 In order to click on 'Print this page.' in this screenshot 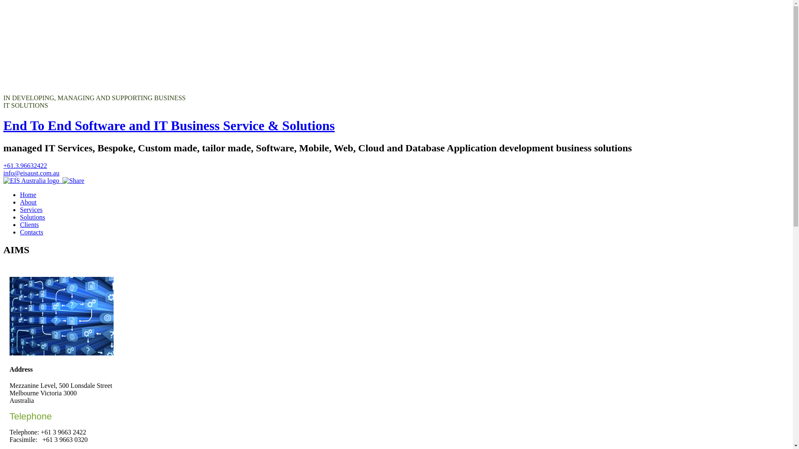, I will do `click(60, 180)`.